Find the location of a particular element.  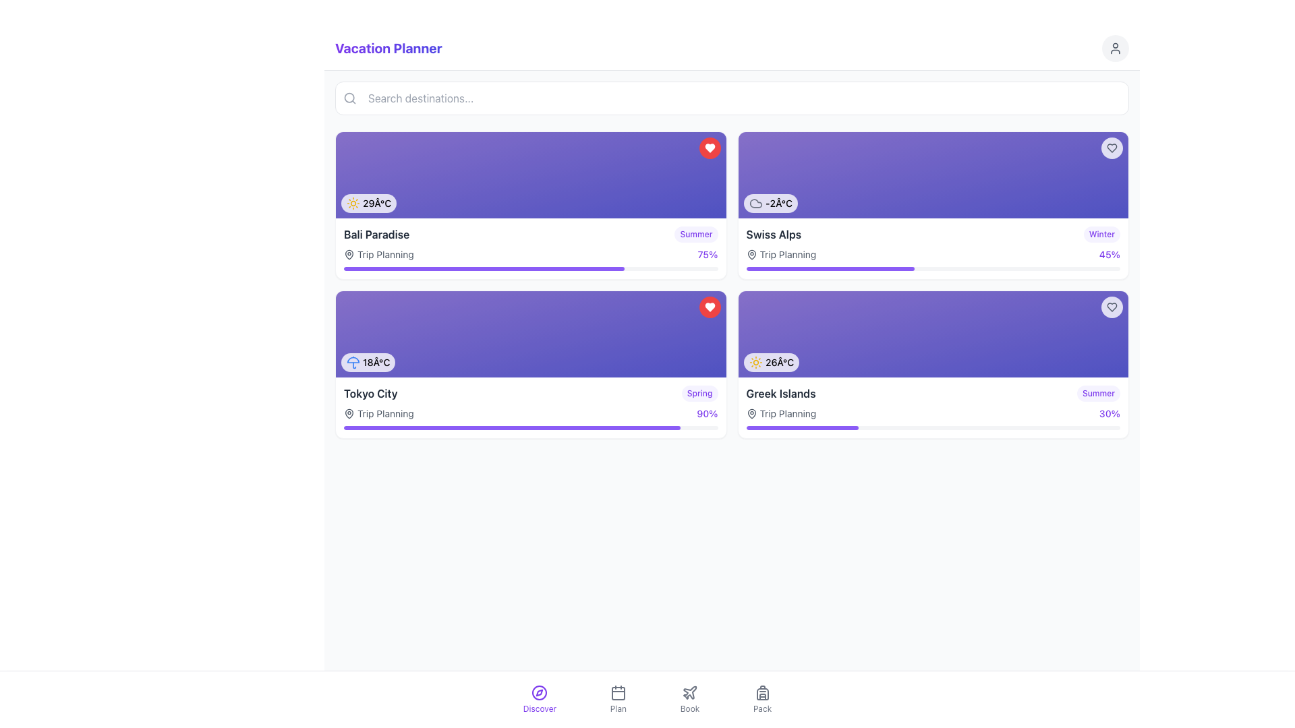

the badge-like component displaying the text 'Summer' in violet font, located in the 'Bali Paradise' section, towards the top-right corner of the section is located at coordinates (696, 233).